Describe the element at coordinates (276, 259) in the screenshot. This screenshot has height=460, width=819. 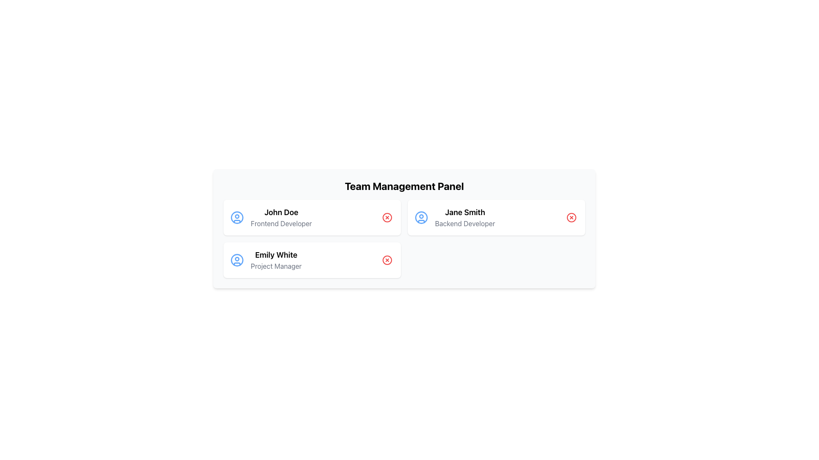
I see `the Profile Display element showing the name 'Emily White' and title 'Project Manager' located in the lower left cell of the Team Management Panel` at that location.